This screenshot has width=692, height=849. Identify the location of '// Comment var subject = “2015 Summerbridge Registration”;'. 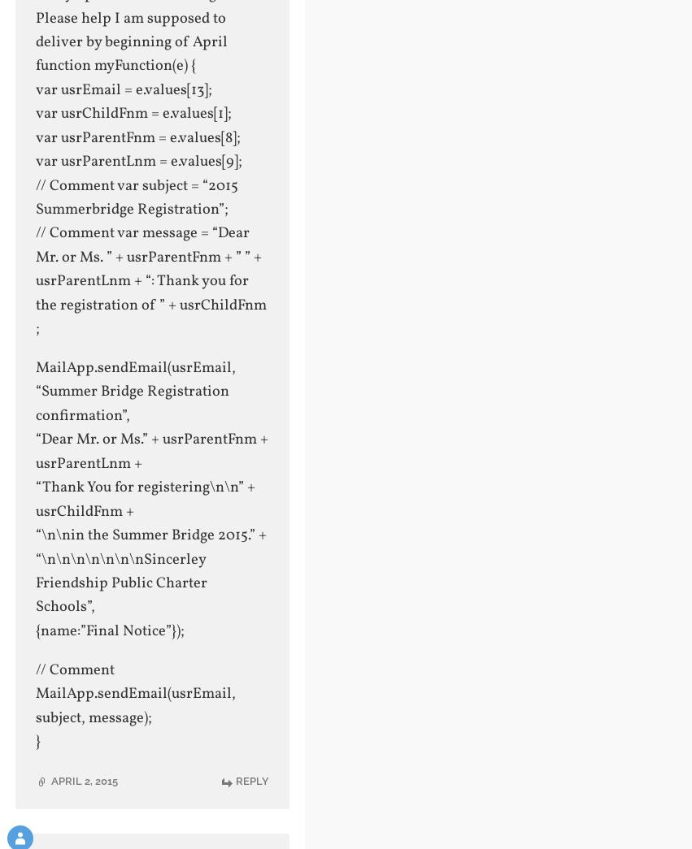
(135, 196).